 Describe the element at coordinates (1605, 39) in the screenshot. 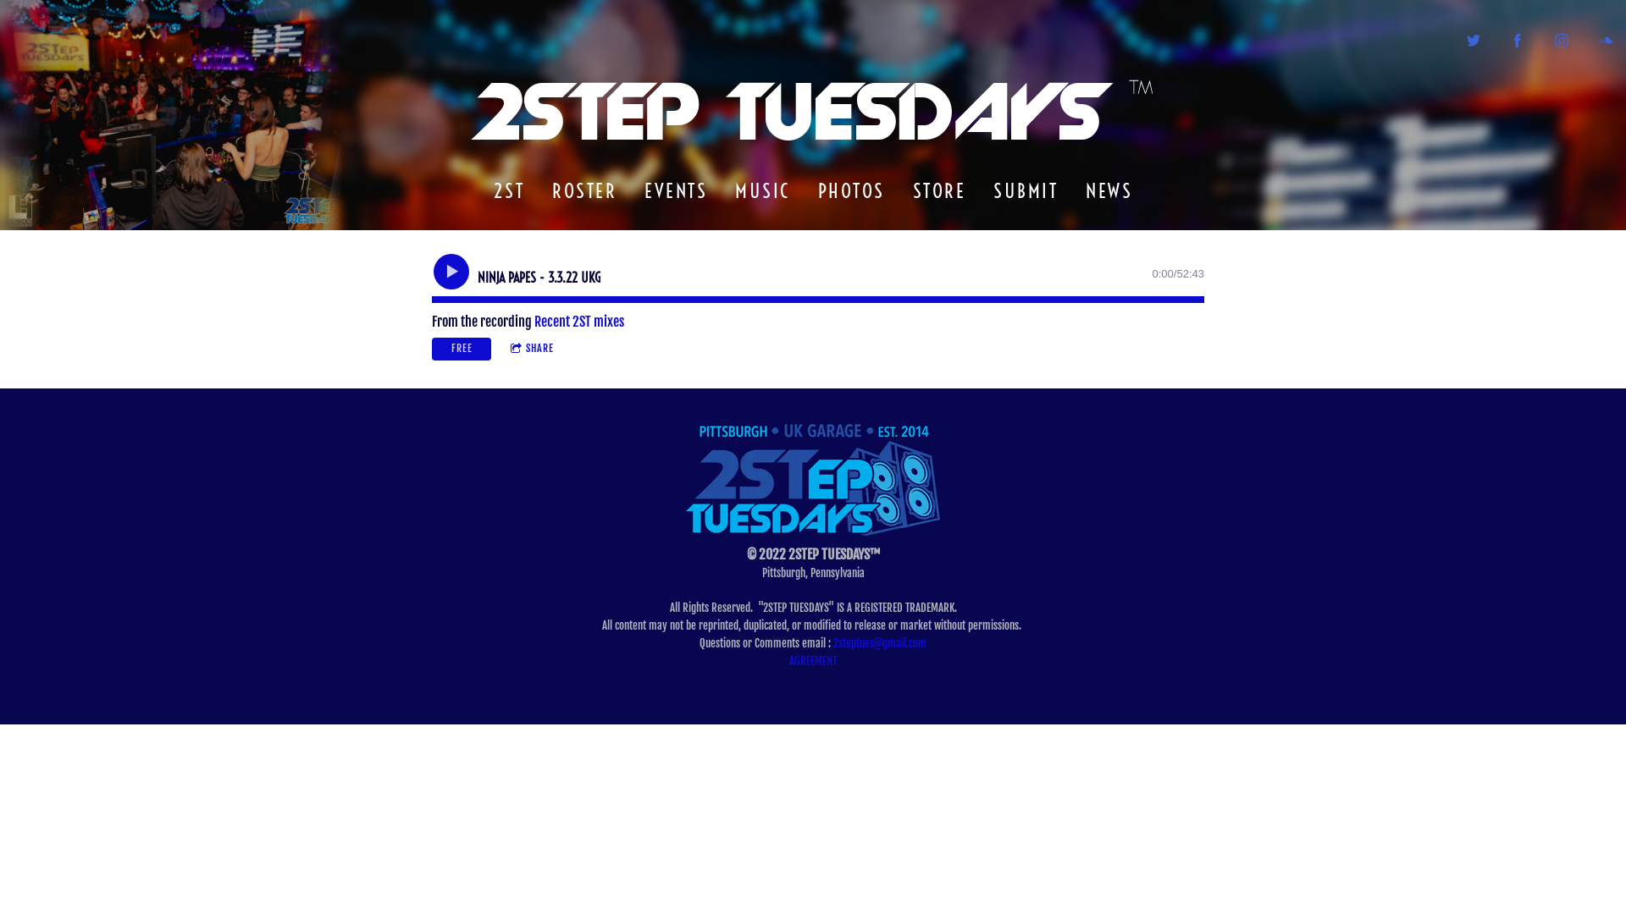

I see `'https://soundcloud.com/2steptues'` at that location.